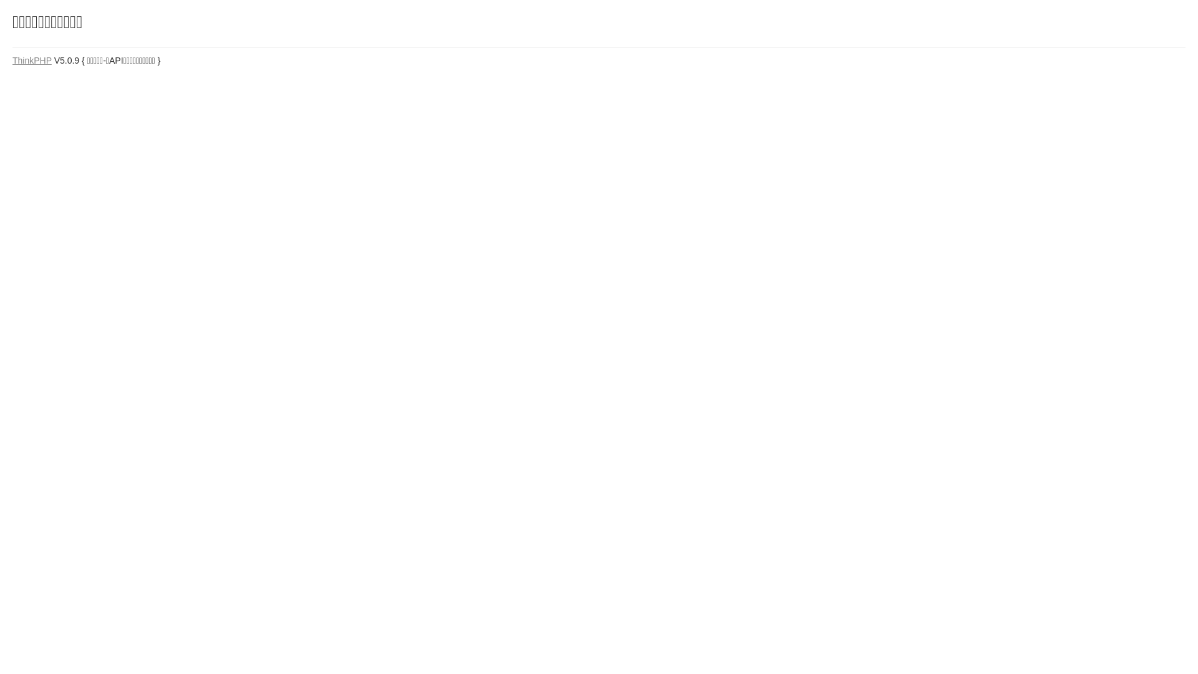 The height and width of the screenshot is (674, 1198). I want to click on 'ThinkPHP', so click(32, 60).